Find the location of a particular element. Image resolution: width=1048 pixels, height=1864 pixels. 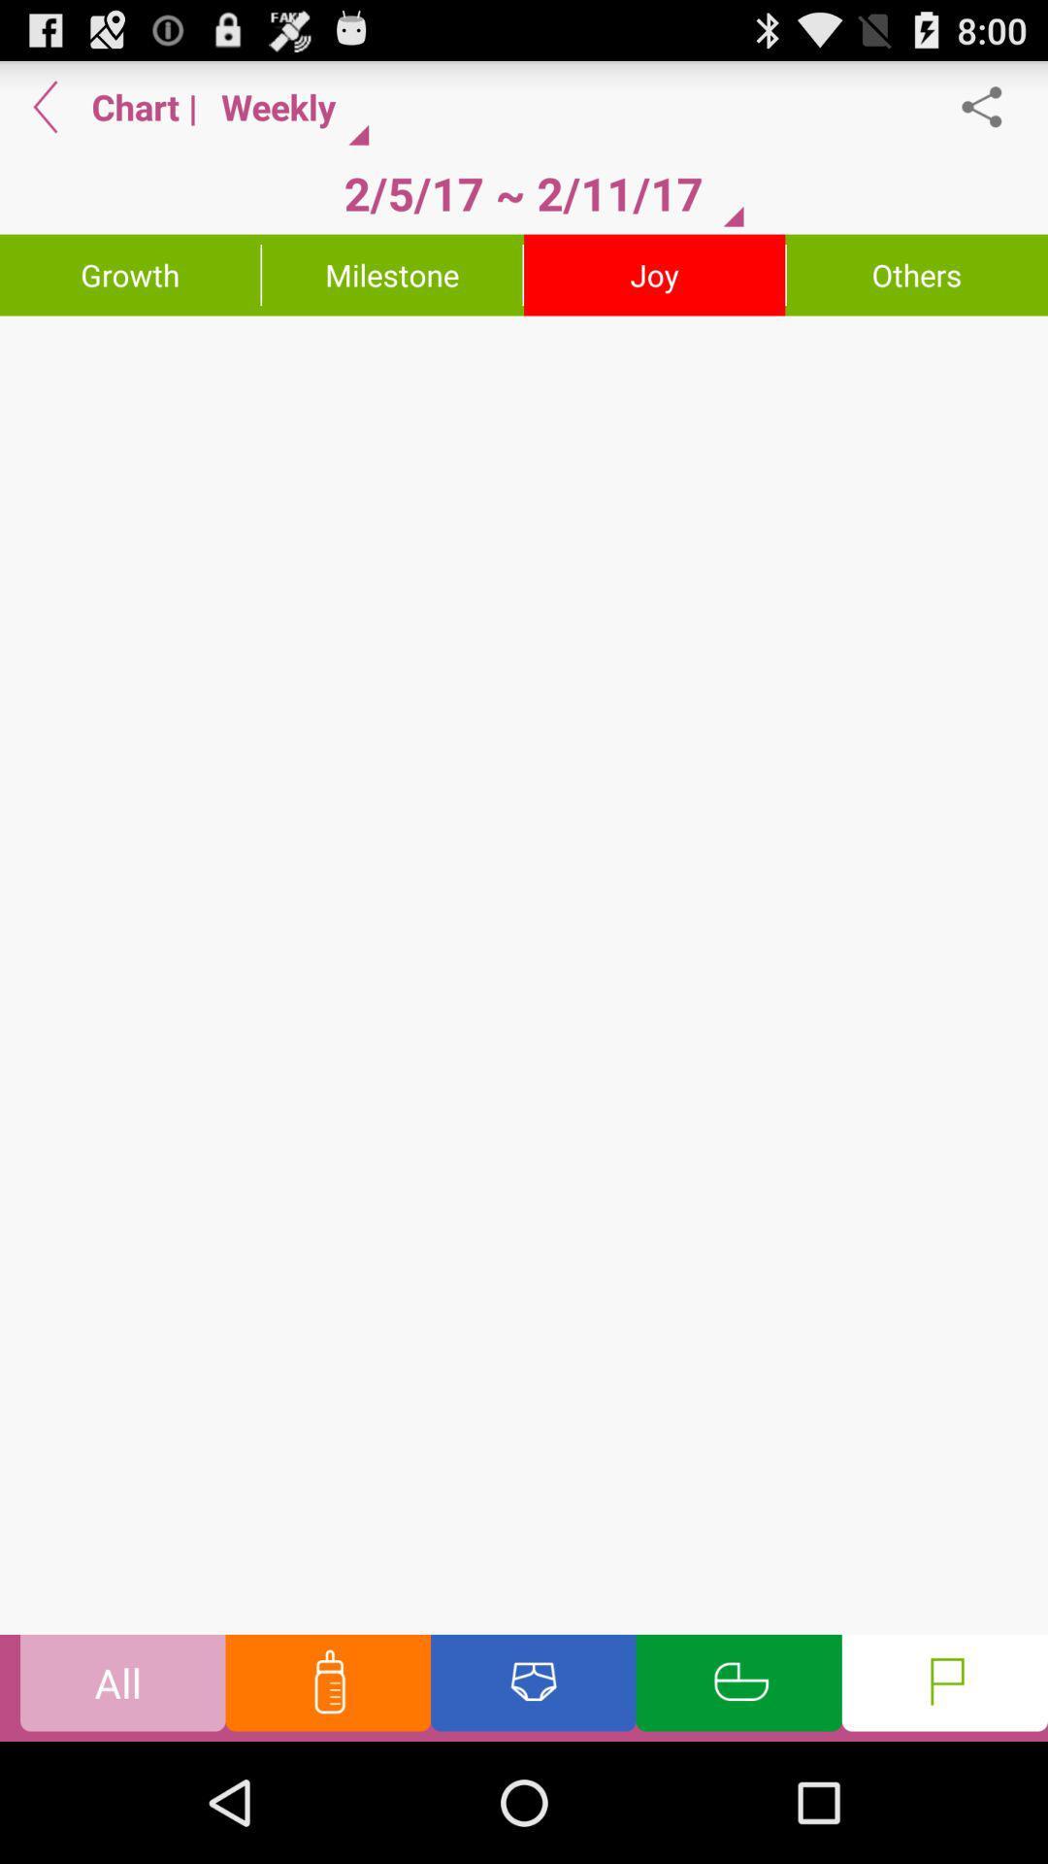

sleeping schedule is located at coordinates (738, 1686).